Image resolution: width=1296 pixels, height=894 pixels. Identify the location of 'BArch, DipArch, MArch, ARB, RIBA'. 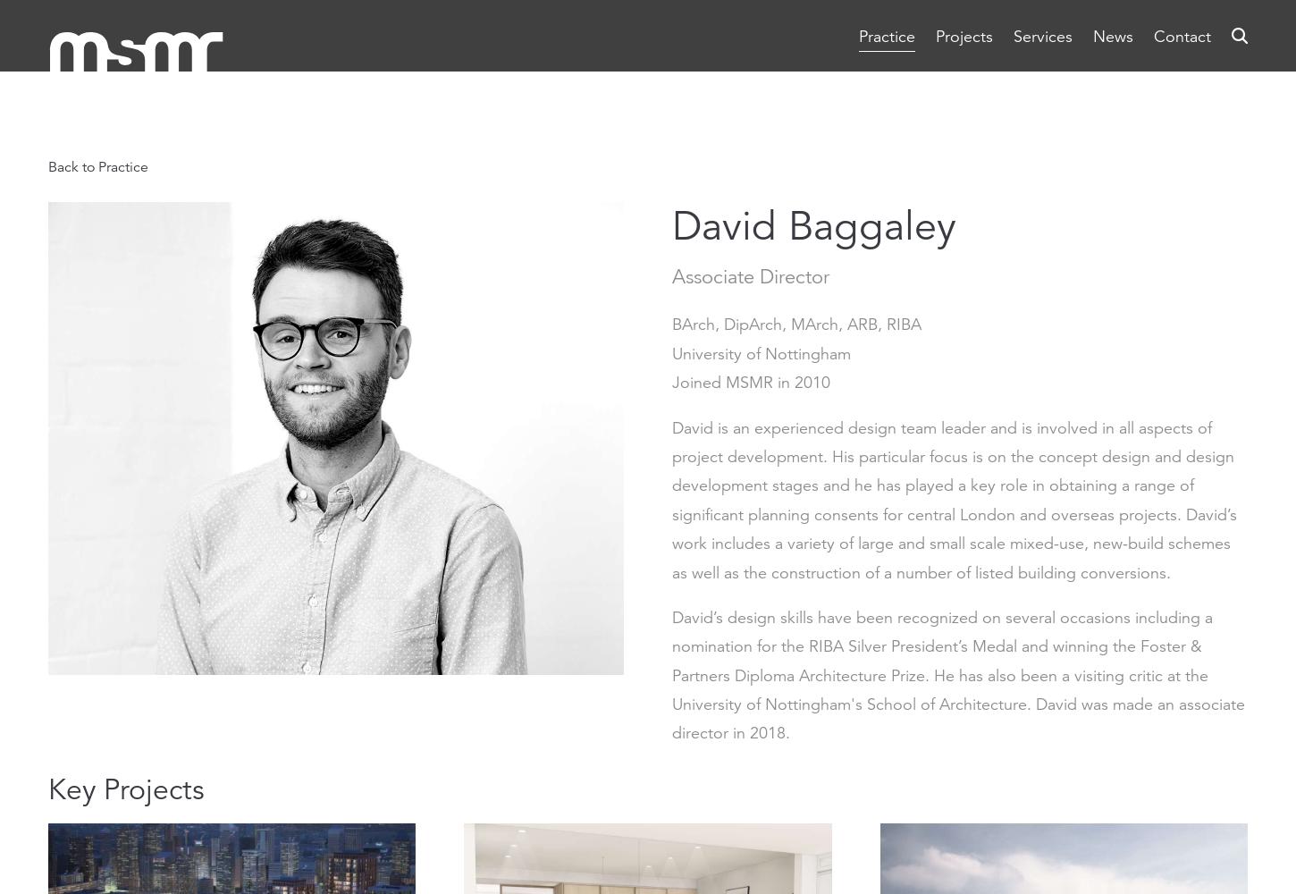
(671, 324).